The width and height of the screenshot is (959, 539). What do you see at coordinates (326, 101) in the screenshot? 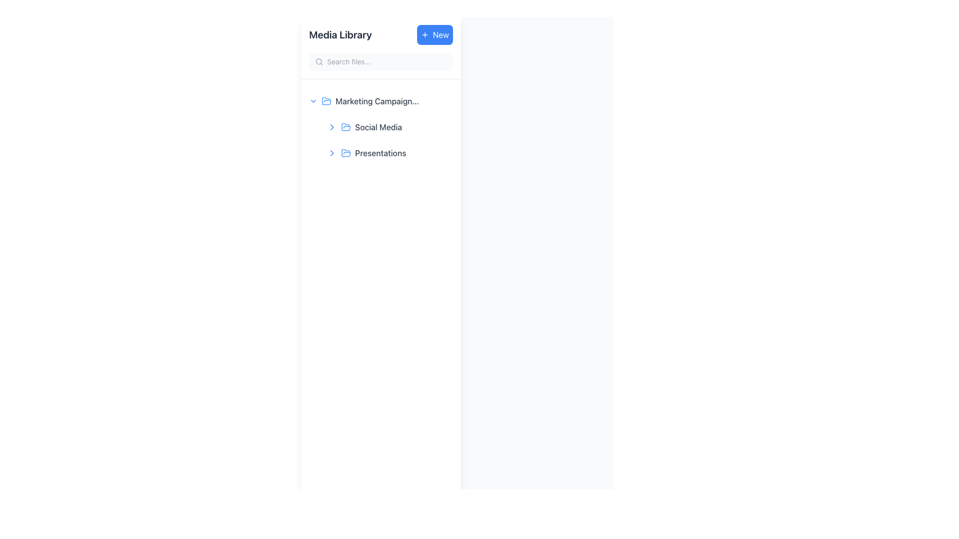
I see `the open folder icon, which is positioned to the right of the downward arrow icon and before the label 'Marketing Campaign 2024'` at bounding box center [326, 101].